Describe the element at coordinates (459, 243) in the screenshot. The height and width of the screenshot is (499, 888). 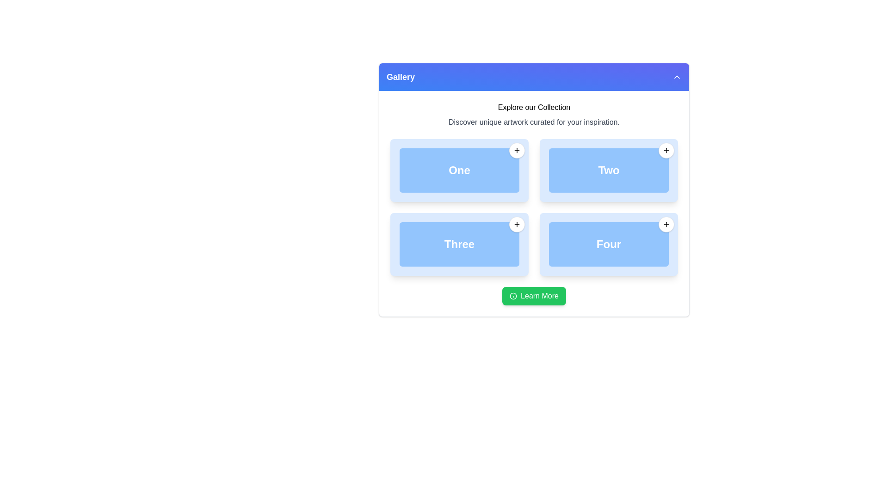
I see `the static label displaying 'Three' located in the bottom-left quadrant of a grid layout, specifically in the first column of the second row` at that location.